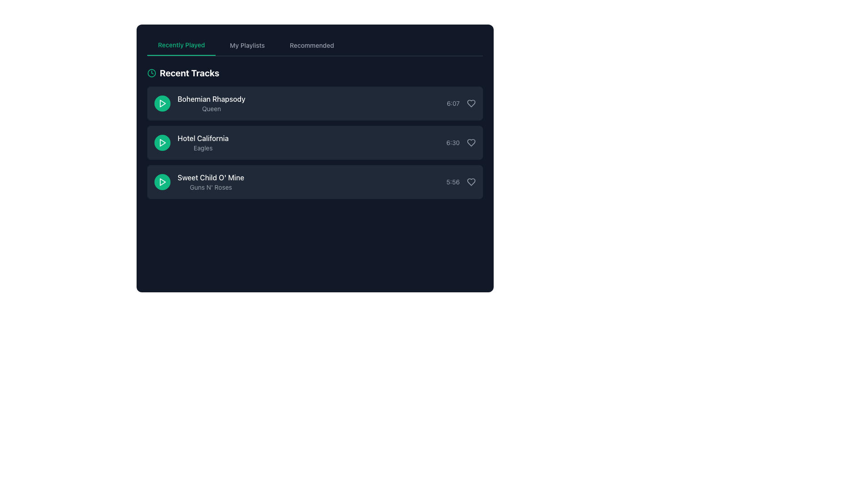 The height and width of the screenshot is (482, 857). What do you see at coordinates (211, 99) in the screenshot?
I see `the Text label displaying the title of the track currently listed, which is positioned above the artist name 'Queen' in the 'Recent Tracks' section` at bounding box center [211, 99].